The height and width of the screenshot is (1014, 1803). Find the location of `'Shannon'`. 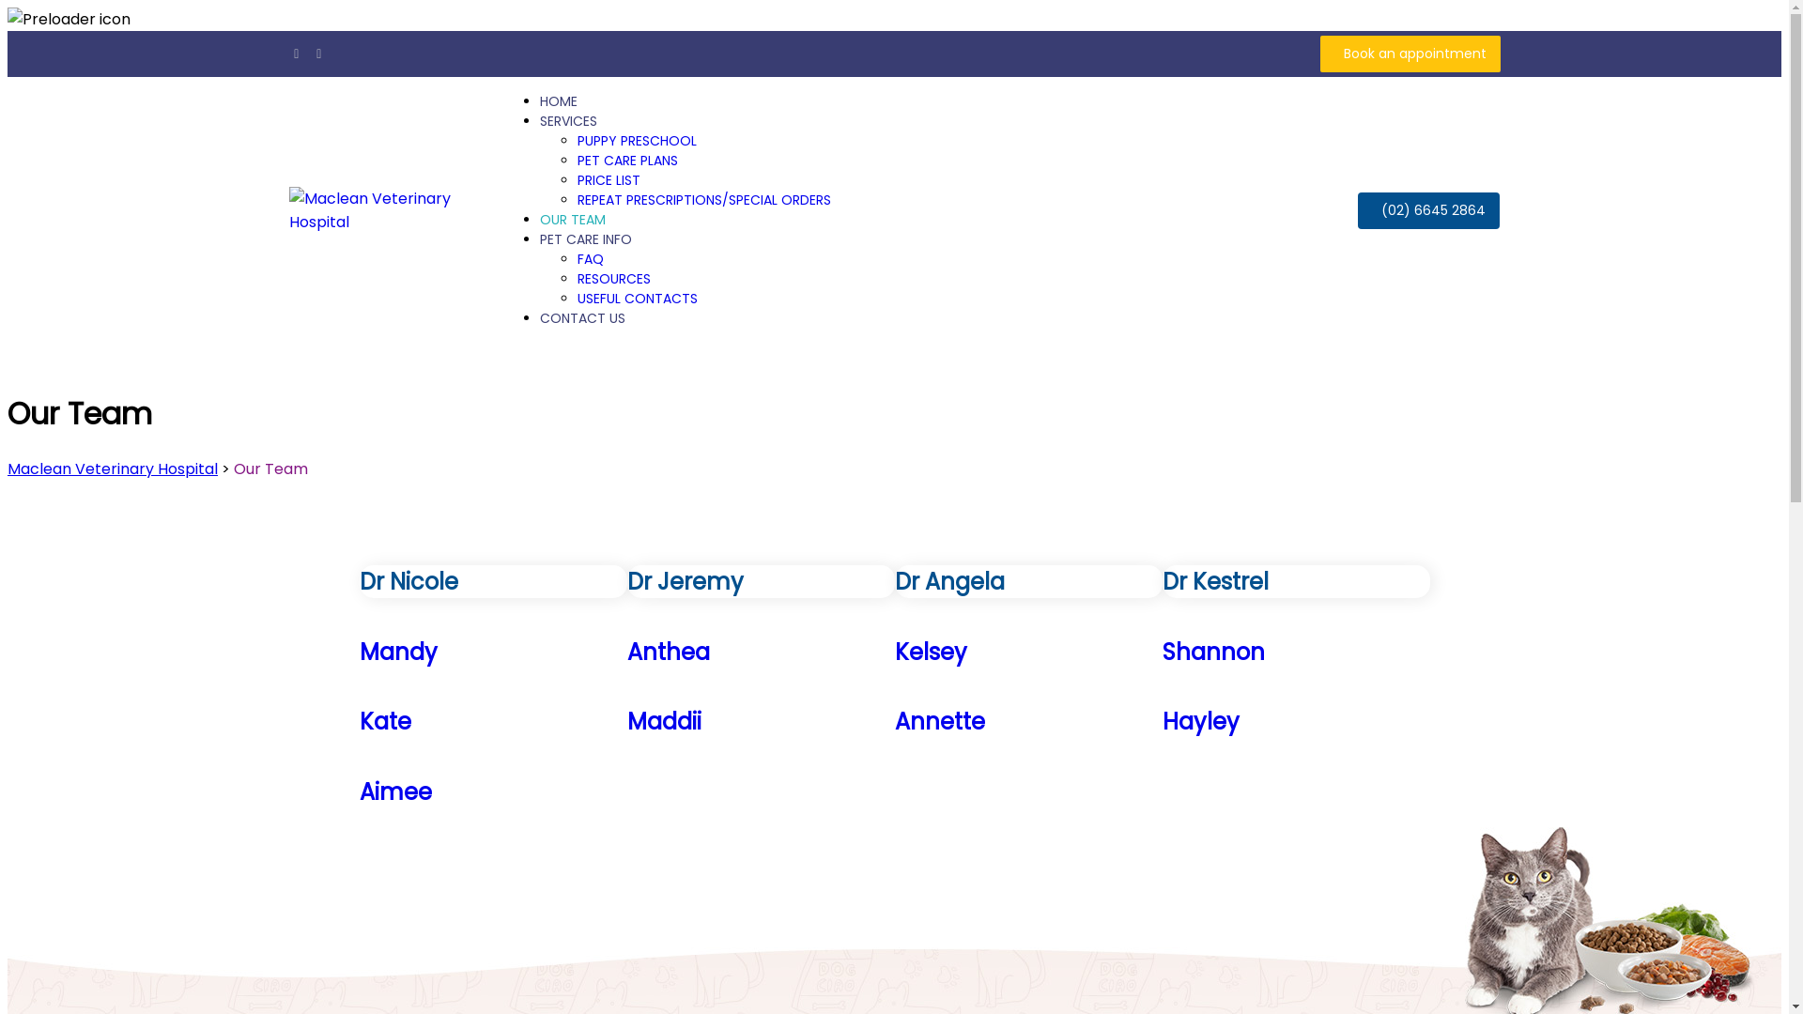

'Shannon' is located at coordinates (1295, 651).